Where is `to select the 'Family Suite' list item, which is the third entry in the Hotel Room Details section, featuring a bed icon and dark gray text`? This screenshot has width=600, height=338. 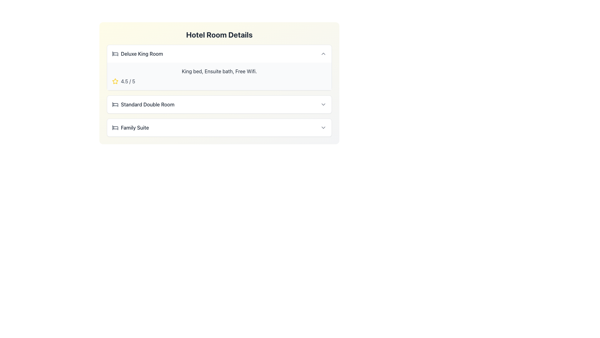
to select the 'Family Suite' list item, which is the third entry in the Hotel Room Details section, featuring a bed icon and dark gray text is located at coordinates (130, 127).